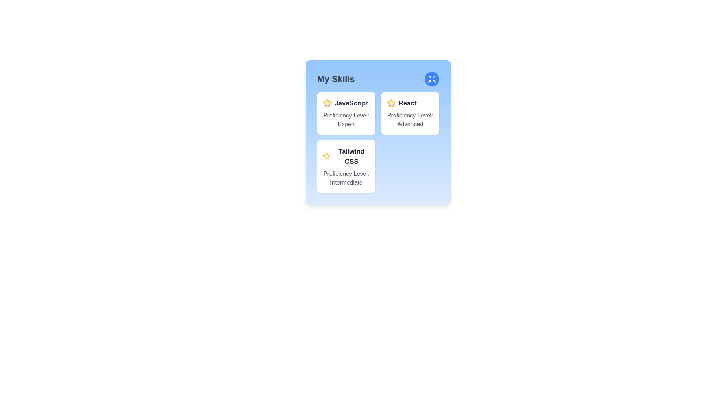  What do you see at coordinates (410, 113) in the screenshot?
I see `the Information card displaying 'React' with proficiency level 'Advanced', located in the second column under 'My Skills'` at bounding box center [410, 113].